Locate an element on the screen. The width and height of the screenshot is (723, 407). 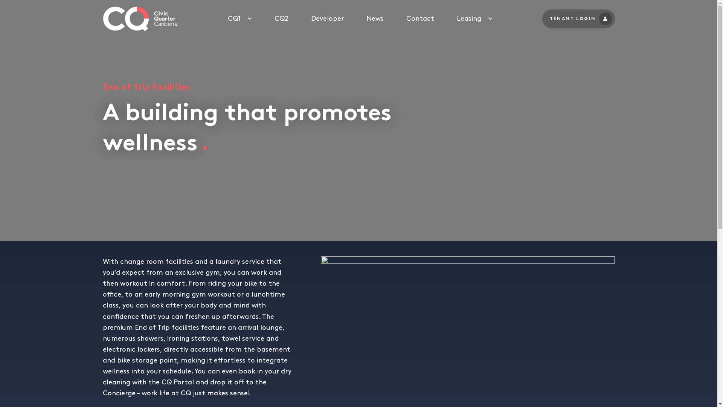
'News' is located at coordinates (354, 18).